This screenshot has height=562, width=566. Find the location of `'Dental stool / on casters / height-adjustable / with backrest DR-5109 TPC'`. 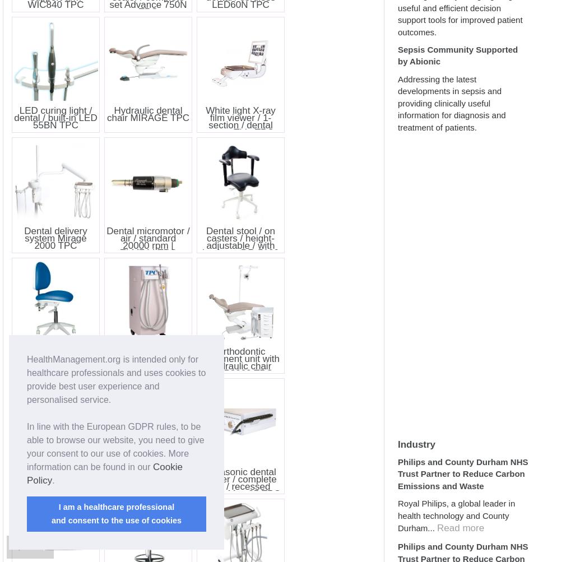

'Dental stool / on casters / height-adjustable / with backrest DR-5109 TPC' is located at coordinates (240, 245).